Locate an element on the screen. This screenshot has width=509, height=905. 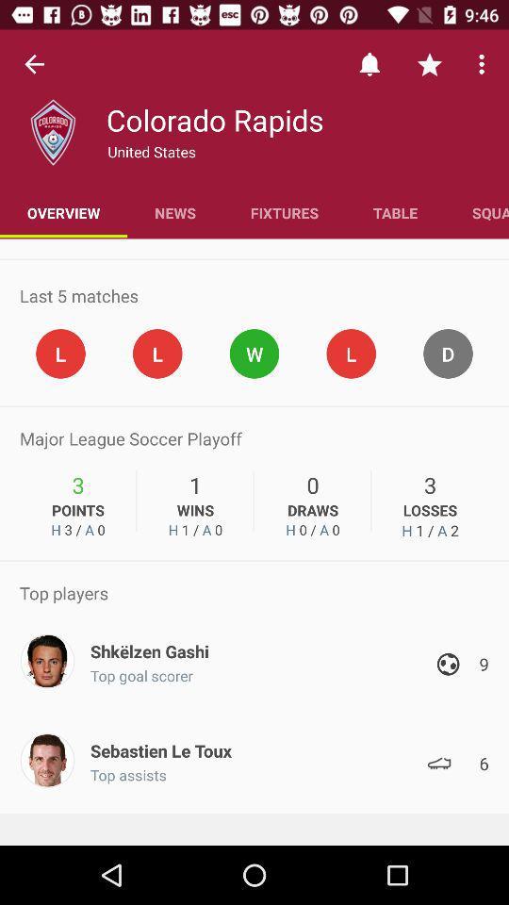
the green button of the page is located at coordinates (254, 353).